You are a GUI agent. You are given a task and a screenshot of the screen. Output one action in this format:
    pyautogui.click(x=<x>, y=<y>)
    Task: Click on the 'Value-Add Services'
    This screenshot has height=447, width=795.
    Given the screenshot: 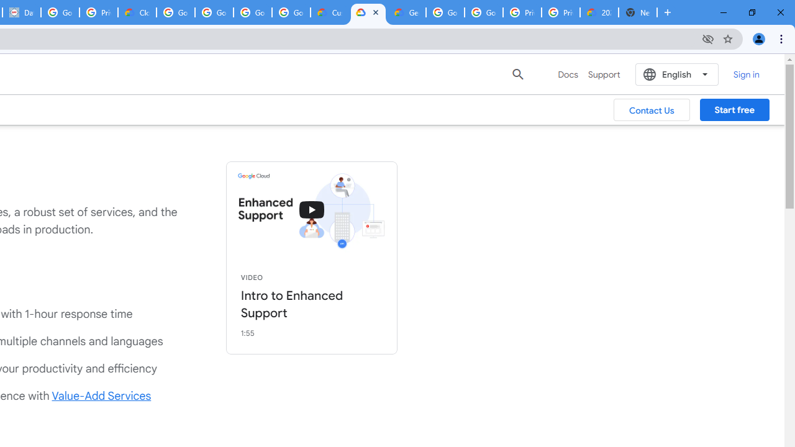 What is the action you would take?
    pyautogui.click(x=101, y=395)
    